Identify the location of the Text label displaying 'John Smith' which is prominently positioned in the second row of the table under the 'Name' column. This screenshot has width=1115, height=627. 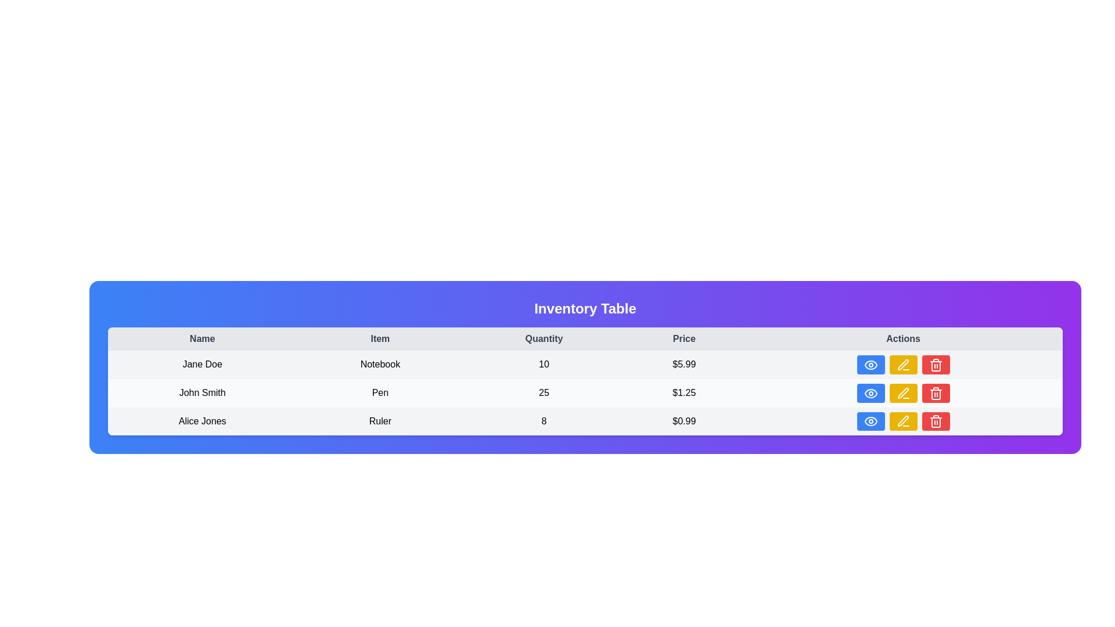
(202, 392).